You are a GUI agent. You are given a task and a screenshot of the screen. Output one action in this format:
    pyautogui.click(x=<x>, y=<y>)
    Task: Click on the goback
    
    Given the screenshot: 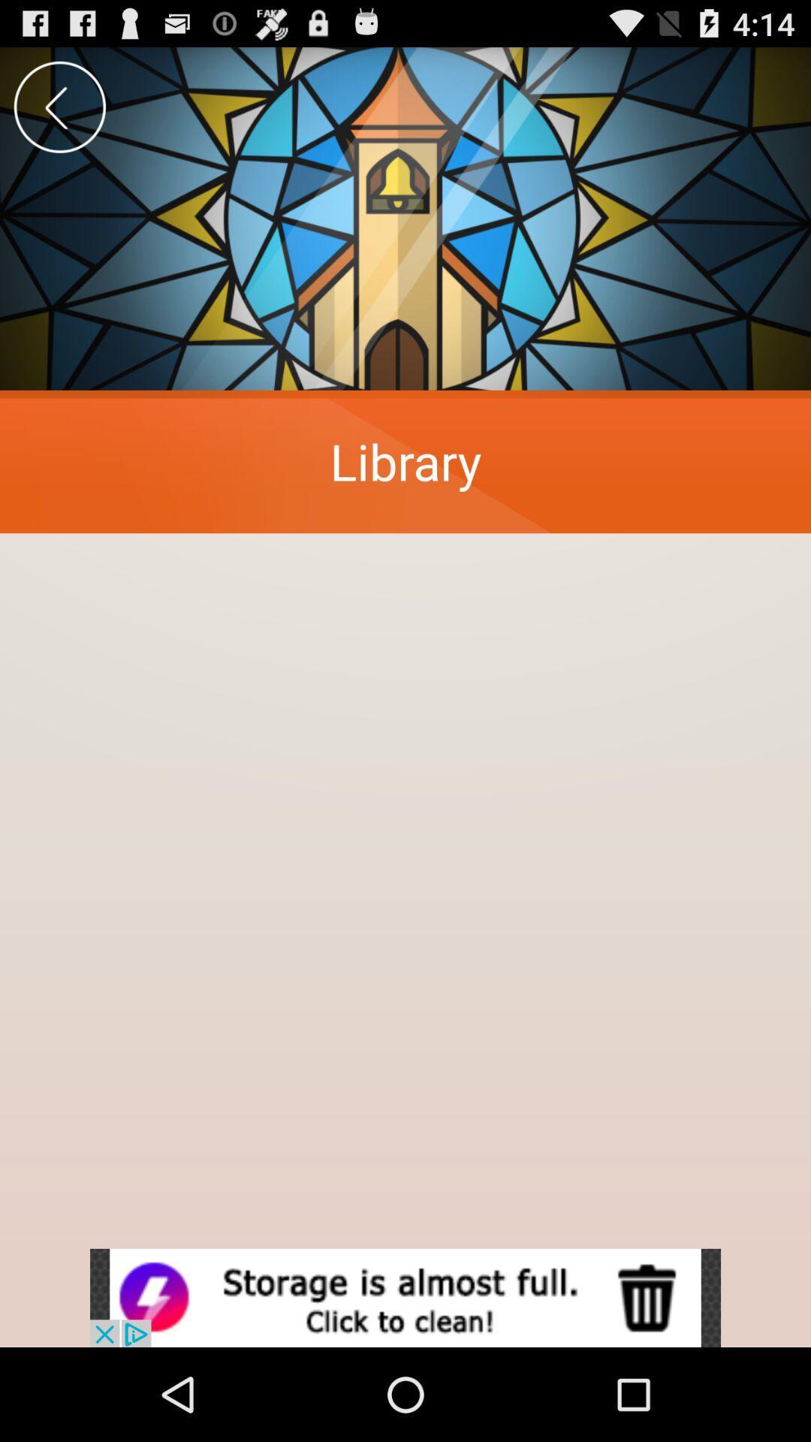 What is the action you would take?
    pyautogui.click(x=59, y=106)
    